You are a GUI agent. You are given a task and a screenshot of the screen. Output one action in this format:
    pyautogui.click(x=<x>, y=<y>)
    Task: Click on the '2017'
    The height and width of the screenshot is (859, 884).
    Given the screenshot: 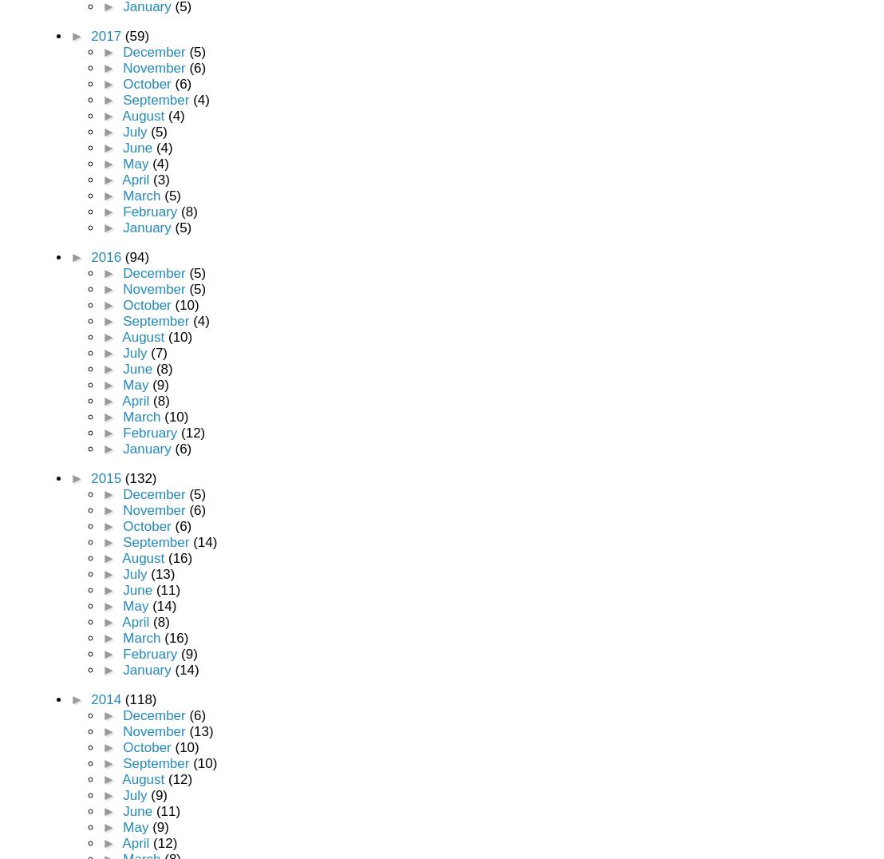 What is the action you would take?
    pyautogui.click(x=107, y=35)
    